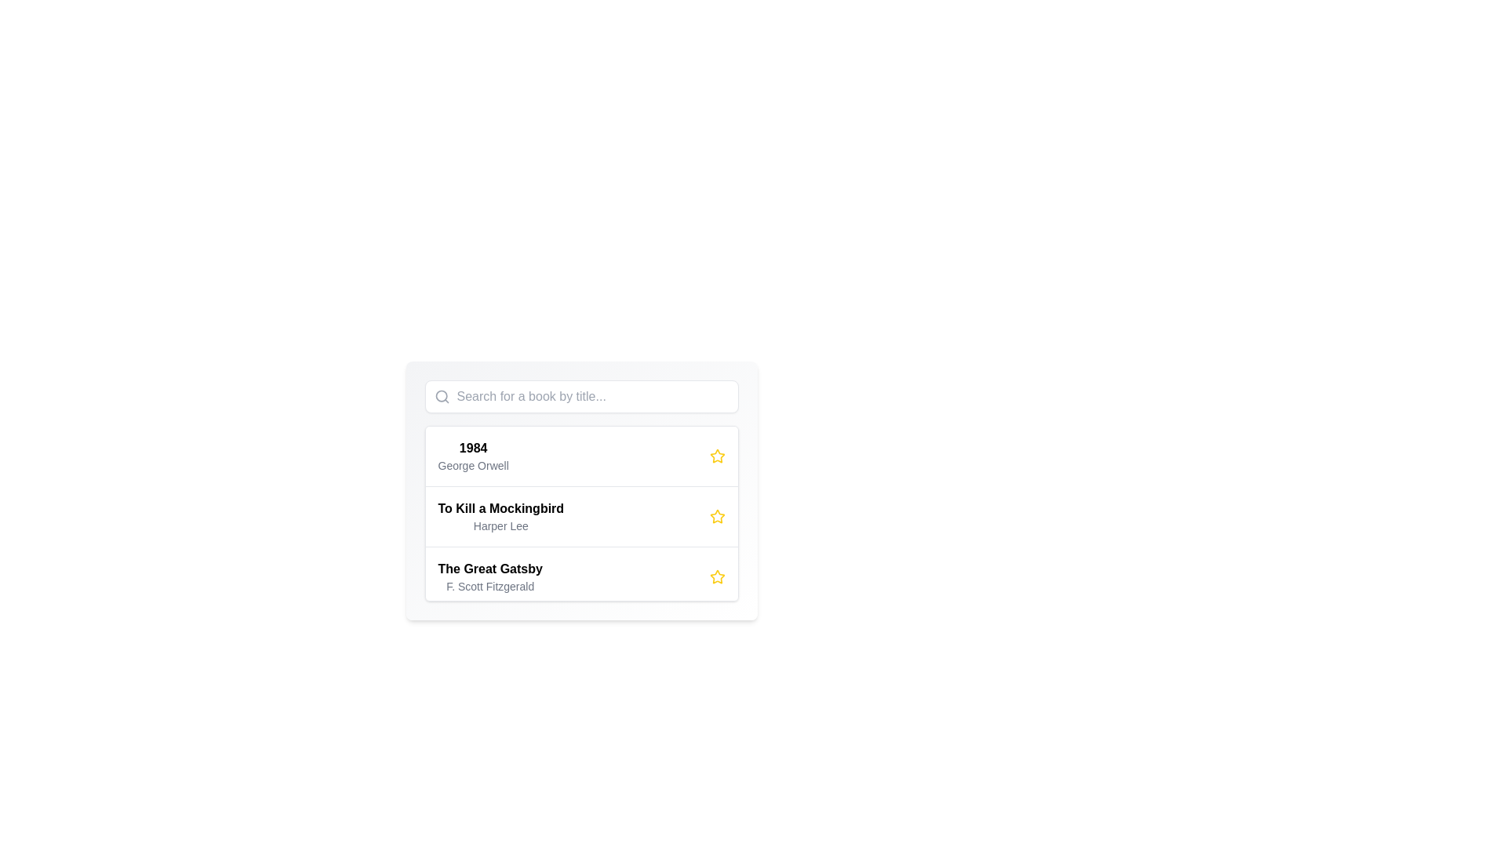 Image resolution: width=1506 pixels, height=847 pixels. Describe the element at coordinates (440, 395) in the screenshot. I see `the circular part of the search icon, which enhances the user interface for the adjacent search input field` at that location.